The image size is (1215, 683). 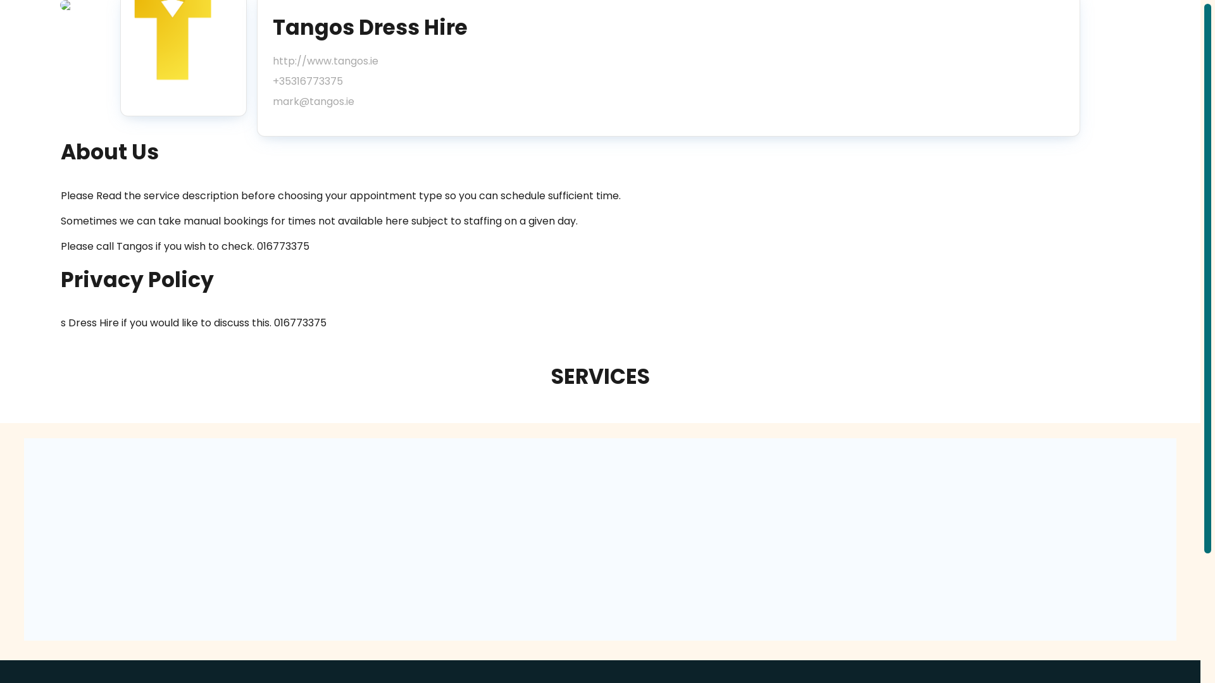 I want to click on 'http://www.tangos.ie', so click(x=325, y=61).